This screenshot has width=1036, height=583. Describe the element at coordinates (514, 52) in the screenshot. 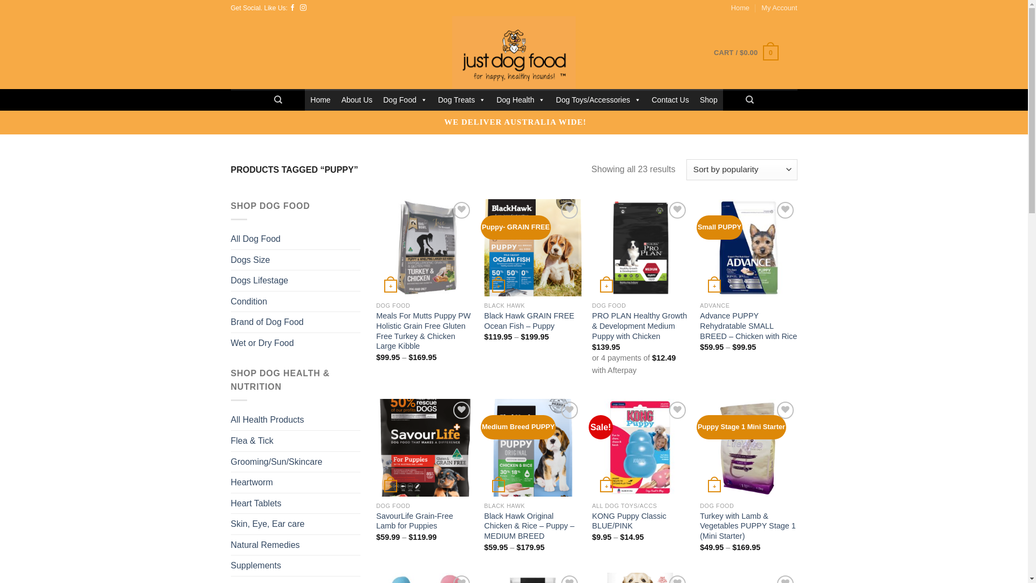

I see `'Just Dog Food'` at that location.